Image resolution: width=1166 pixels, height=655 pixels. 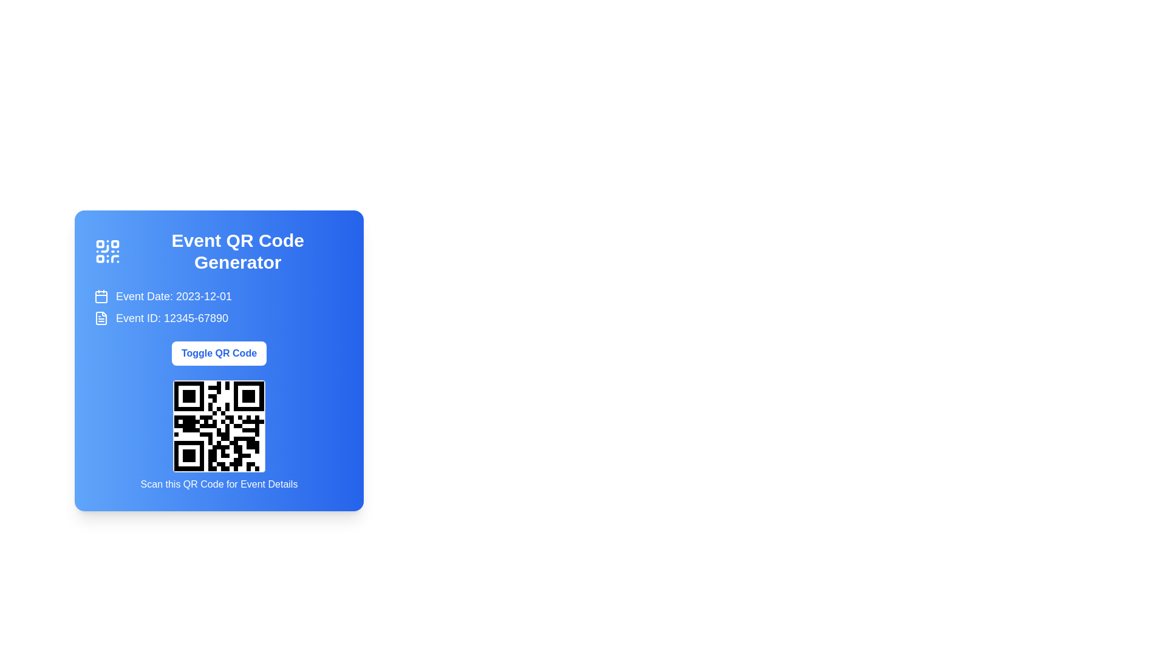 What do you see at coordinates (100, 244) in the screenshot?
I see `the small square with rounded corners that is the first element in the top-left corner of the QR code icon` at bounding box center [100, 244].